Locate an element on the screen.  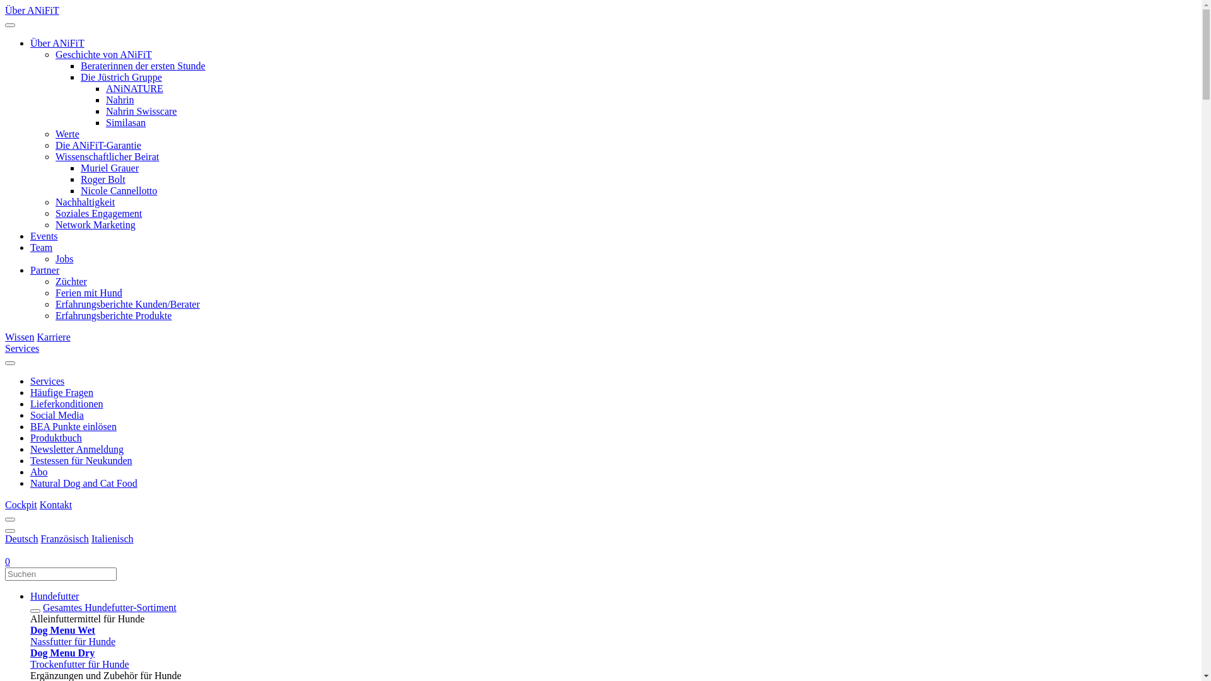
'Beraterinnen der ersten Stunde' is located at coordinates (143, 66).